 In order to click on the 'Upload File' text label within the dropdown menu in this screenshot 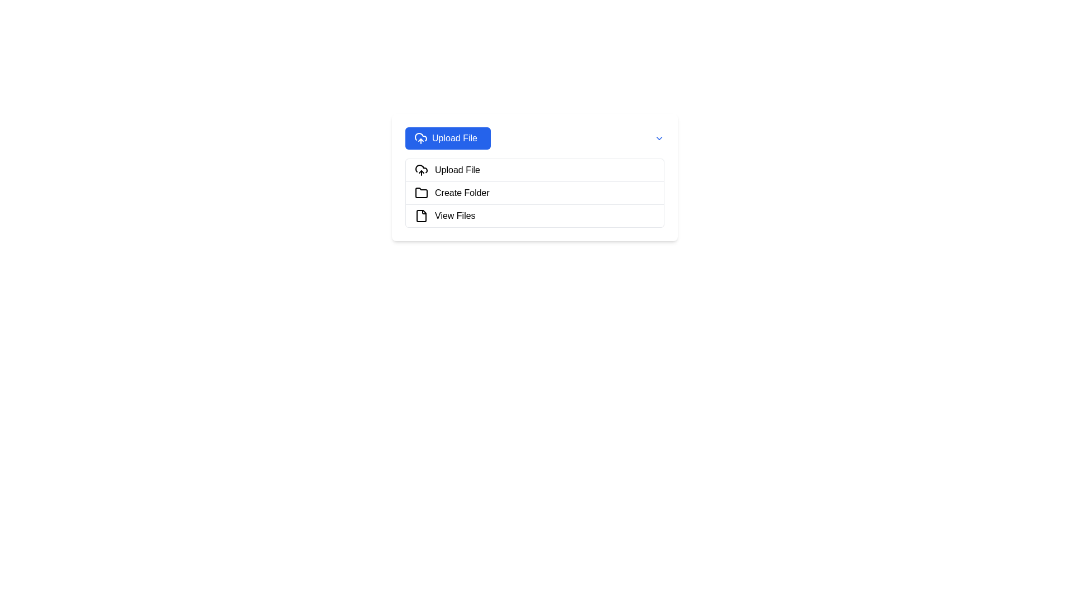, I will do `click(457, 170)`.